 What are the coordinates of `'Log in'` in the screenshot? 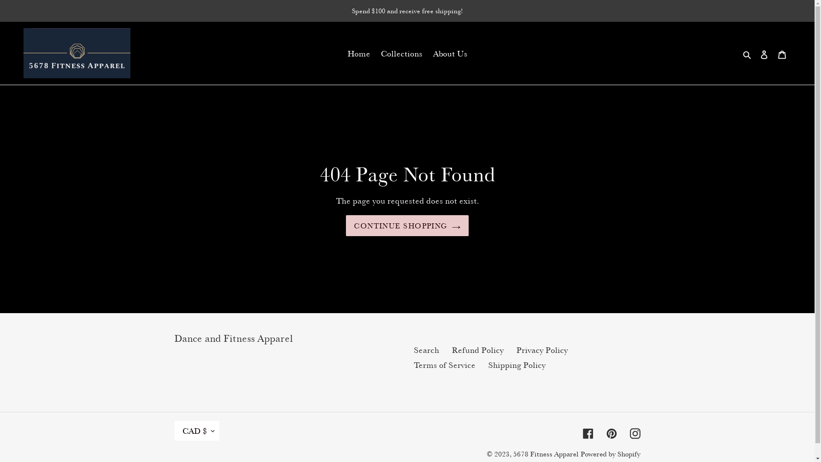 It's located at (764, 53).